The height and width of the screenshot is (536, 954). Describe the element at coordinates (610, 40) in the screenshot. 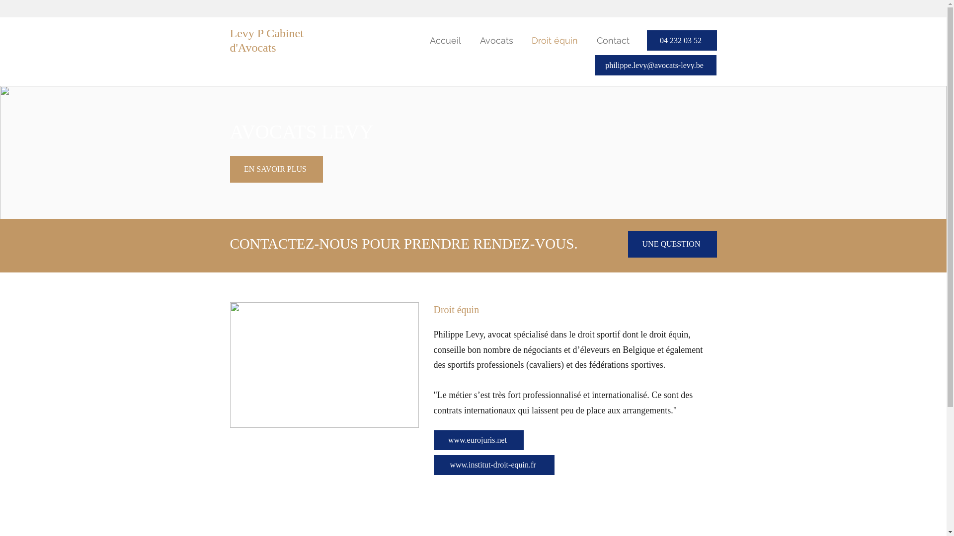

I see `'Contact'` at that location.